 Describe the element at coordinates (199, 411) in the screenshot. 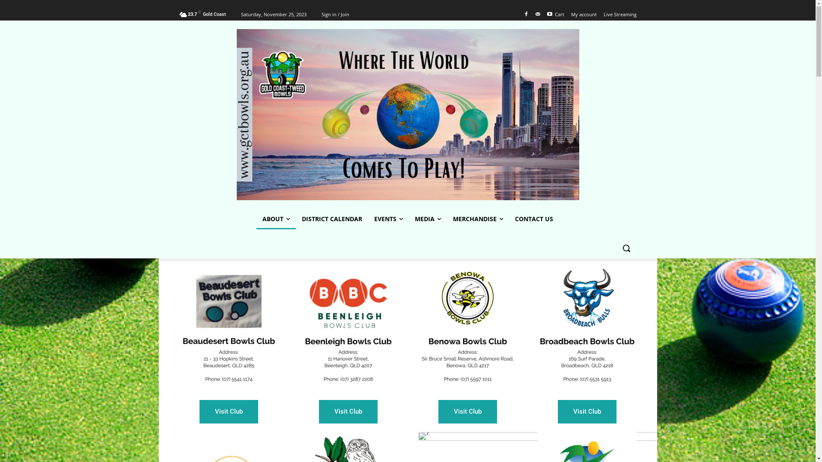

I see `'Visit Club'` at that location.